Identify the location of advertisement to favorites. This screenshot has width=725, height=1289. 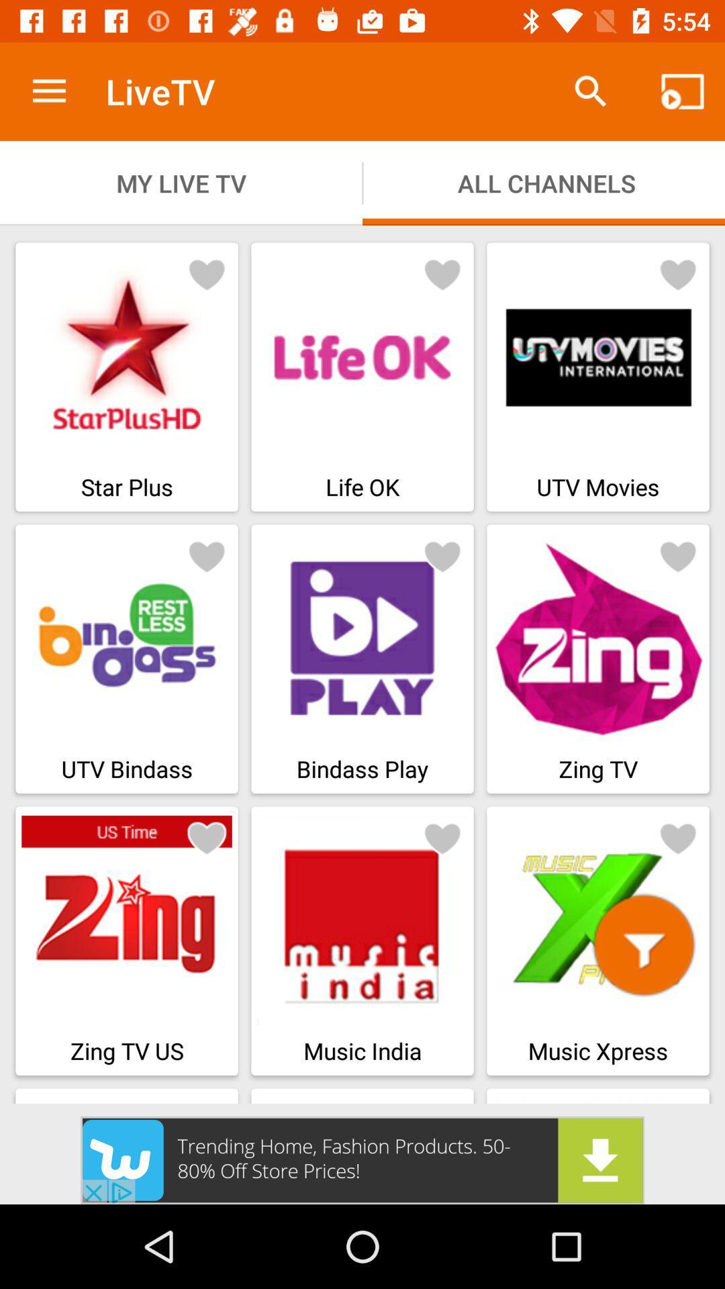
(207, 273).